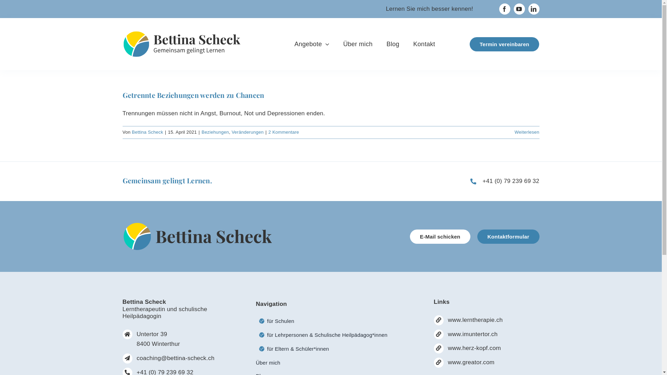 This screenshot has height=375, width=667. What do you see at coordinates (175, 358) in the screenshot?
I see `'coaching@bettina-scheck.ch'` at bounding box center [175, 358].